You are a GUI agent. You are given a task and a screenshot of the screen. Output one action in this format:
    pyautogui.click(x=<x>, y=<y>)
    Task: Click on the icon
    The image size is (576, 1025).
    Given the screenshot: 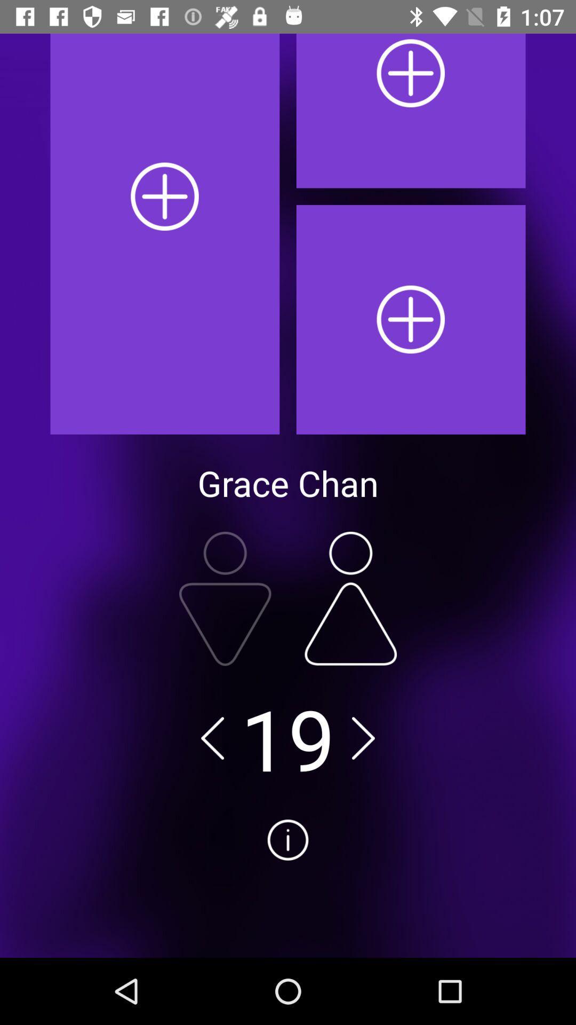 What is the action you would take?
    pyautogui.click(x=288, y=880)
    